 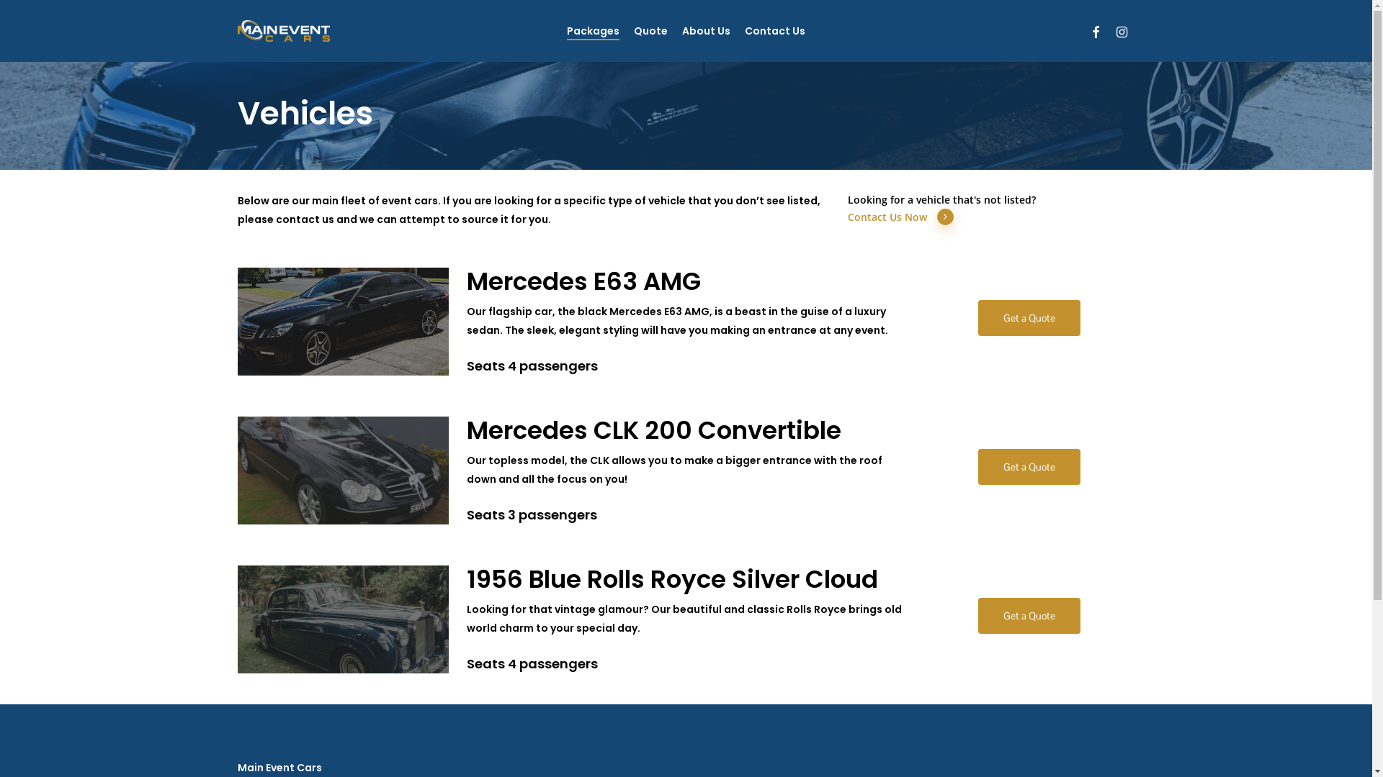 What do you see at coordinates (1029, 466) in the screenshot?
I see `'Get a Quote'` at bounding box center [1029, 466].